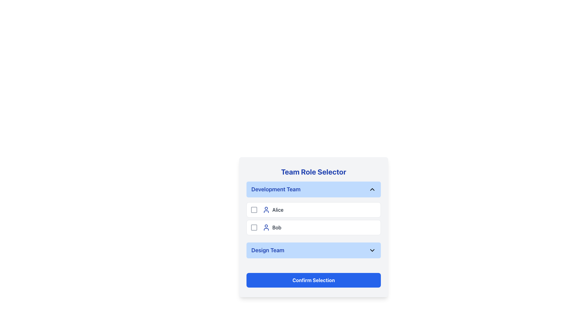 Image resolution: width=585 pixels, height=329 pixels. Describe the element at coordinates (276, 228) in the screenshot. I see `the text label displaying the name 'Bob', which is located next to the user avatar icon in the middle row under the 'Development Team' header` at that location.